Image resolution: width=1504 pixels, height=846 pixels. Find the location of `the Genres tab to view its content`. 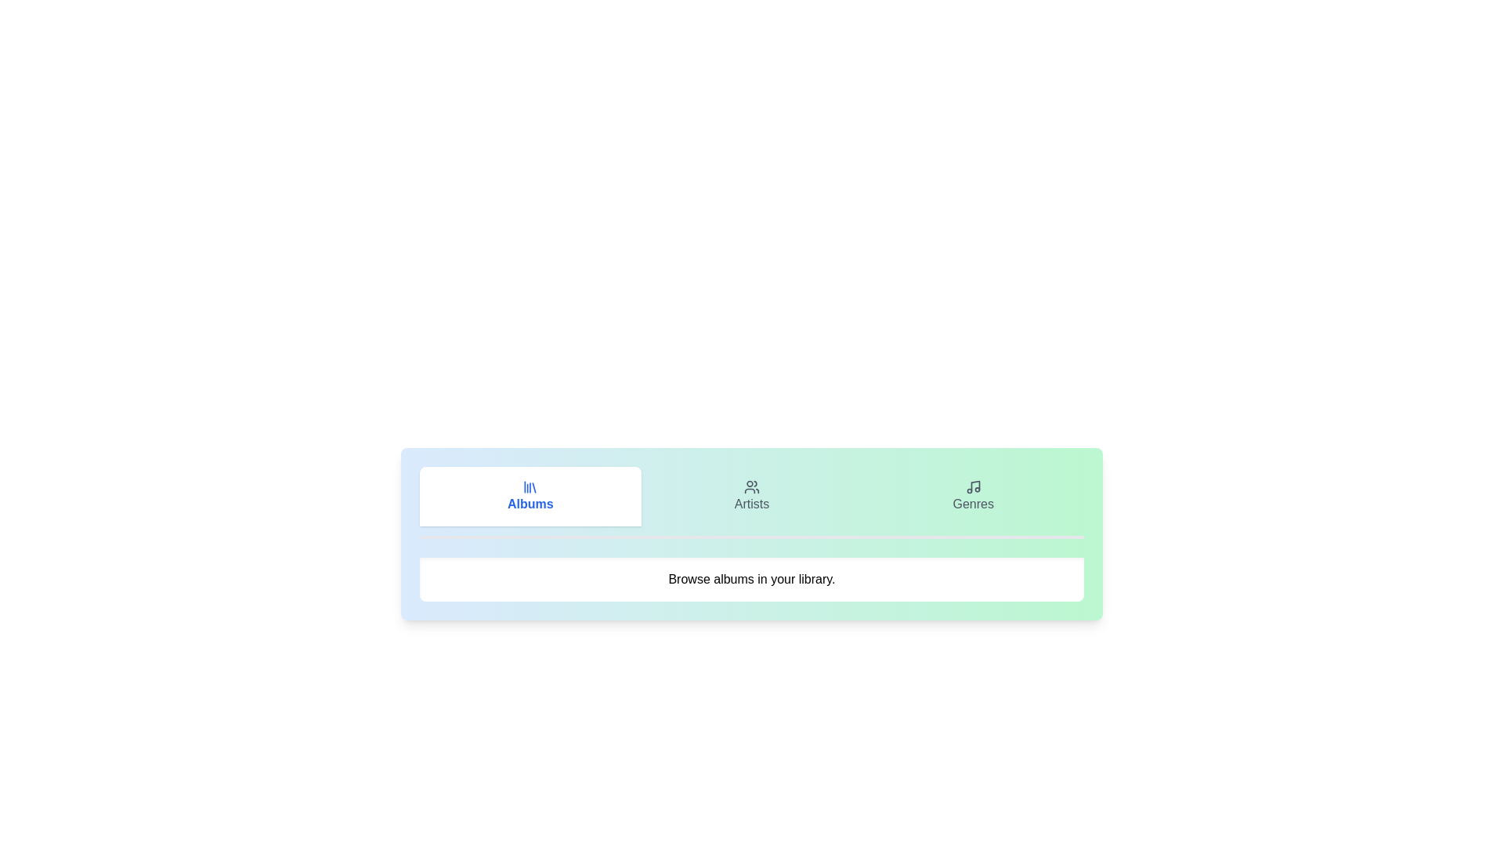

the Genres tab to view its content is located at coordinates (973, 496).